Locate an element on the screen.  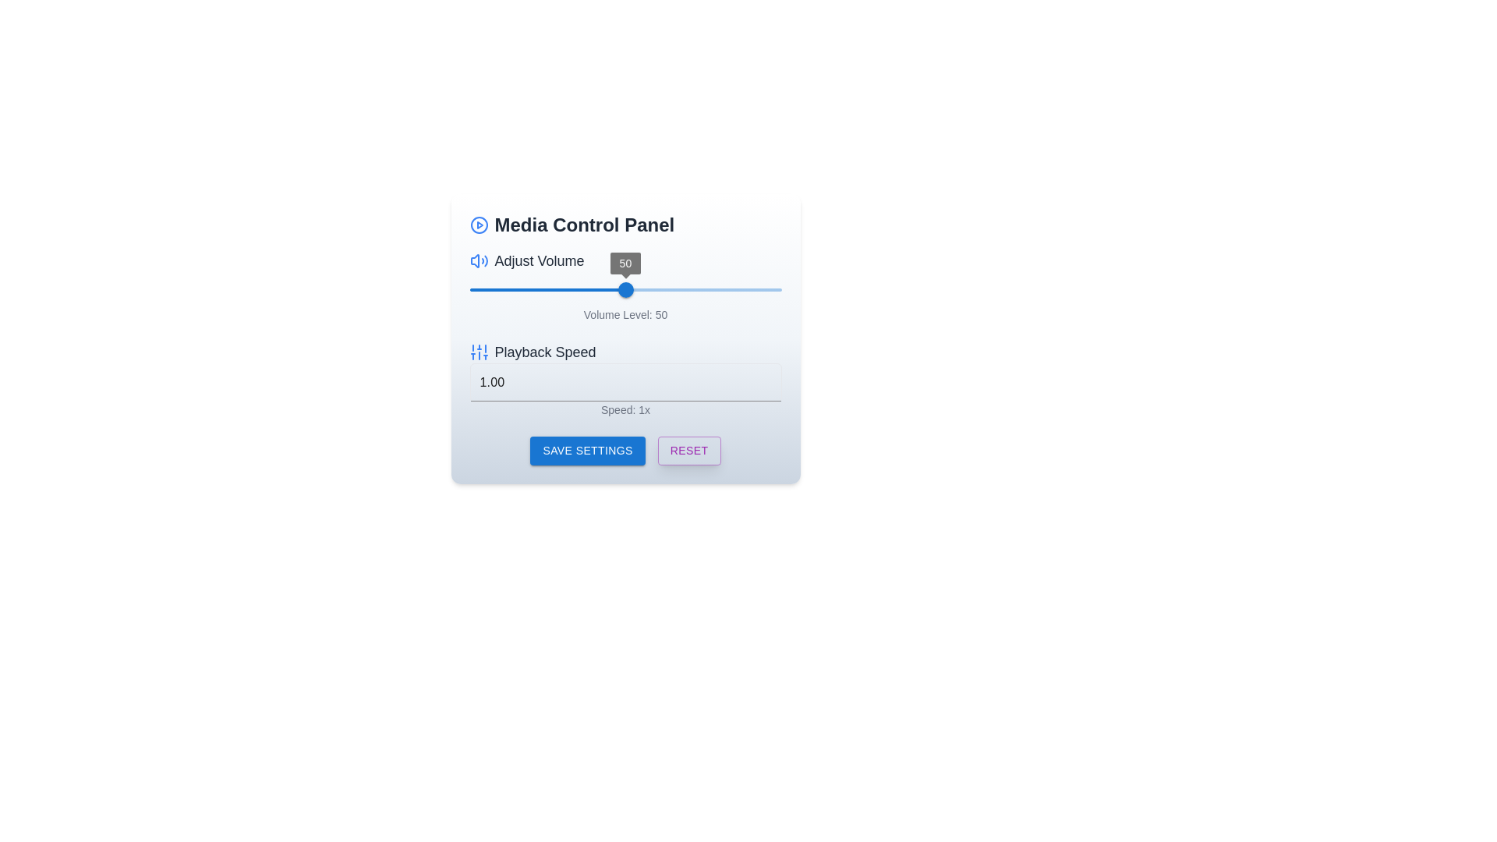
volume is located at coordinates (769, 289).